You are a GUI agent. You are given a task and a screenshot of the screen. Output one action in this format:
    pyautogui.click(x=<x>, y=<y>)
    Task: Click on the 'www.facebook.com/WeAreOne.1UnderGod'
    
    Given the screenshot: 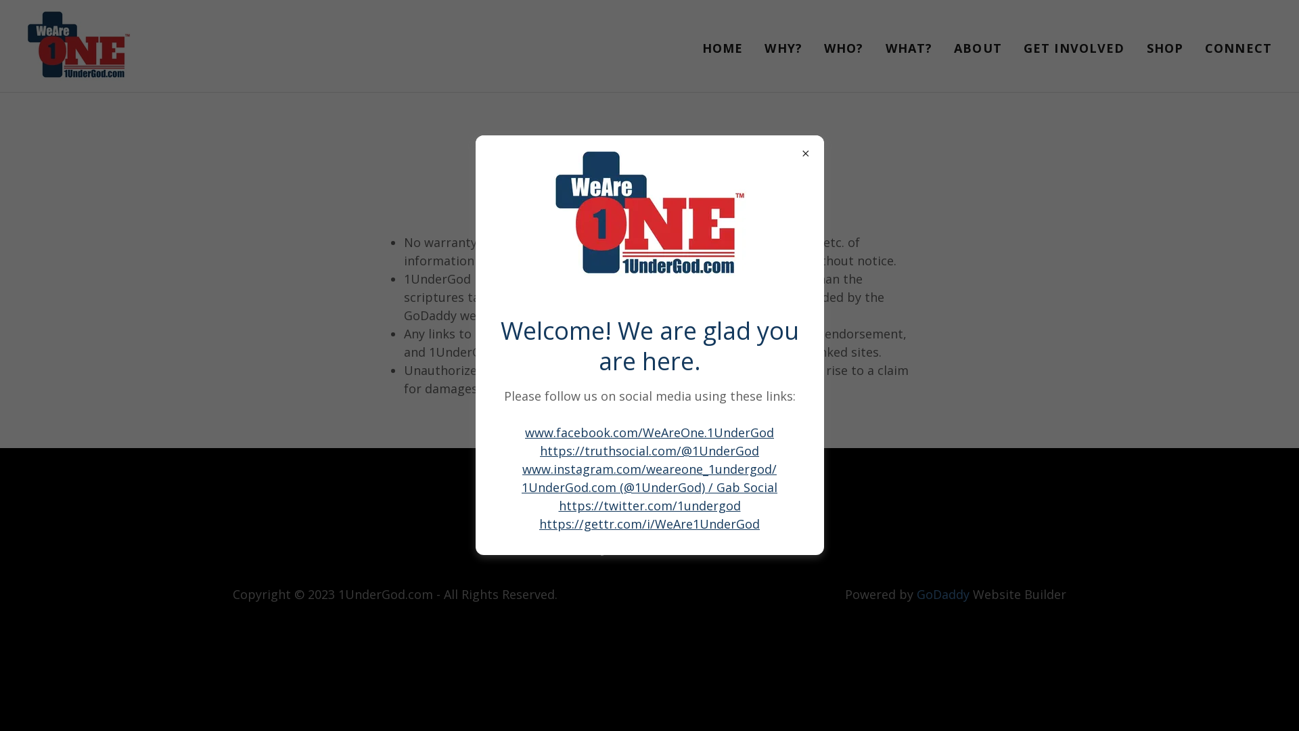 What is the action you would take?
    pyautogui.click(x=649, y=433)
    